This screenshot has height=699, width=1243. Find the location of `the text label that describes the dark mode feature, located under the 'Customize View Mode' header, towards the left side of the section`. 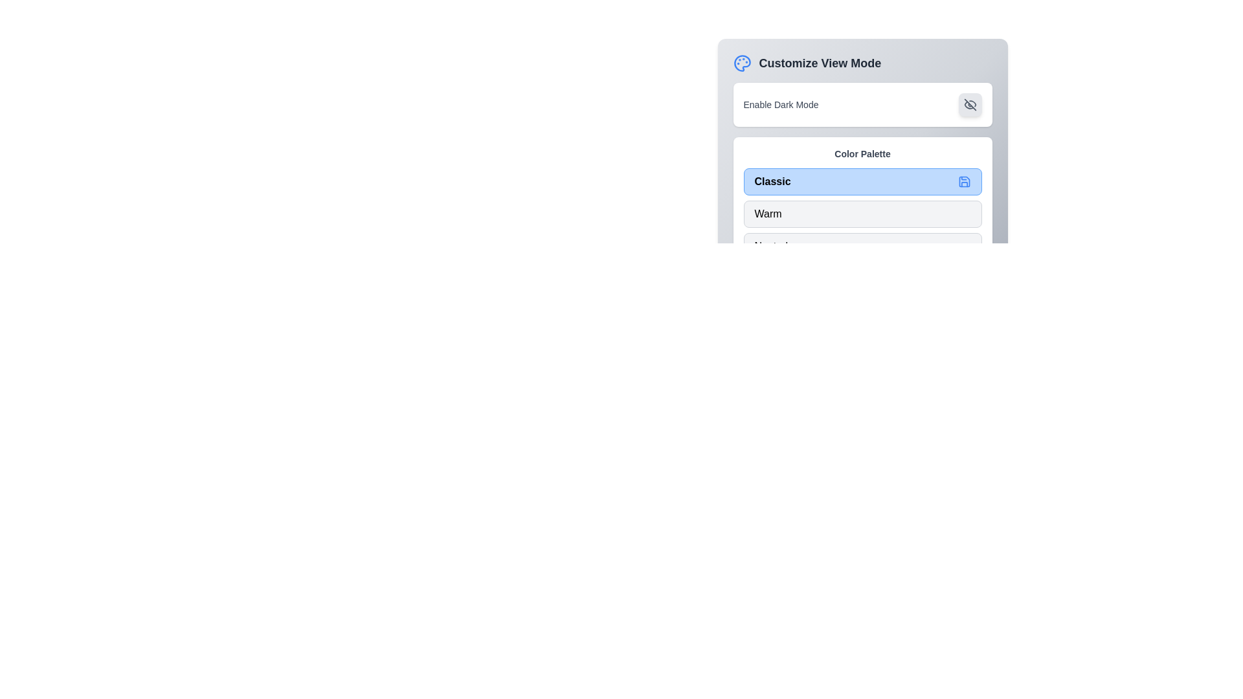

the text label that describes the dark mode feature, located under the 'Customize View Mode' header, towards the left side of the section is located at coordinates (780, 104).